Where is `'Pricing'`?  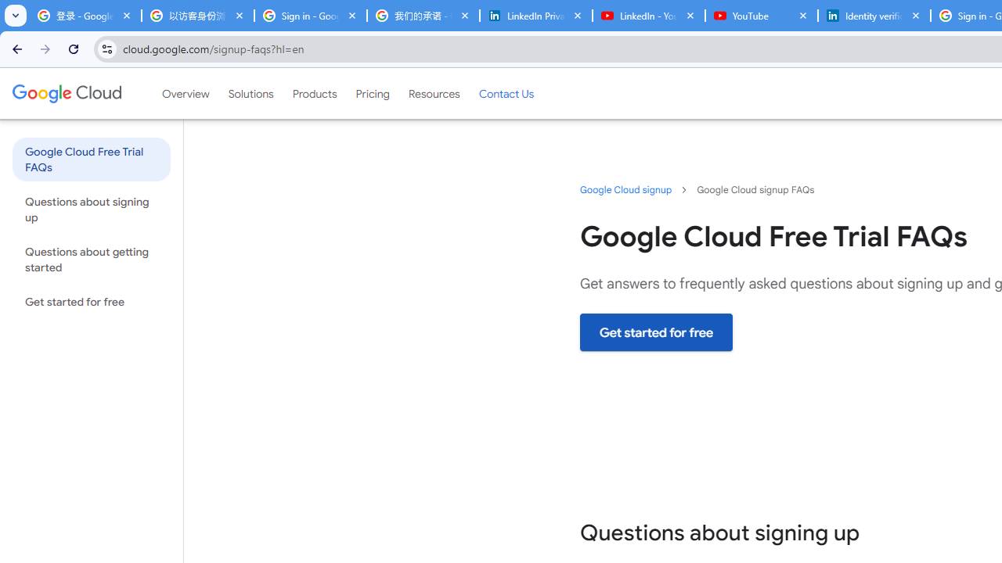 'Pricing' is located at coordinates (372, 93).